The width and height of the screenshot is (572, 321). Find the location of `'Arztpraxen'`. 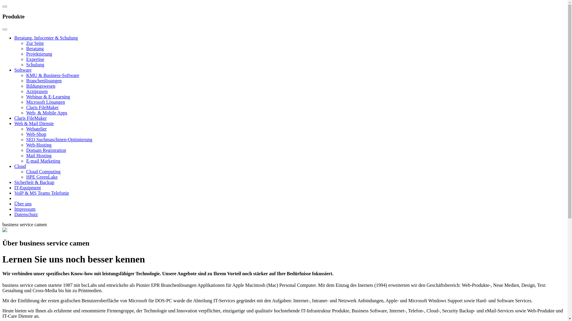

'Arztpraxen' is located at coordinates (37, 91).